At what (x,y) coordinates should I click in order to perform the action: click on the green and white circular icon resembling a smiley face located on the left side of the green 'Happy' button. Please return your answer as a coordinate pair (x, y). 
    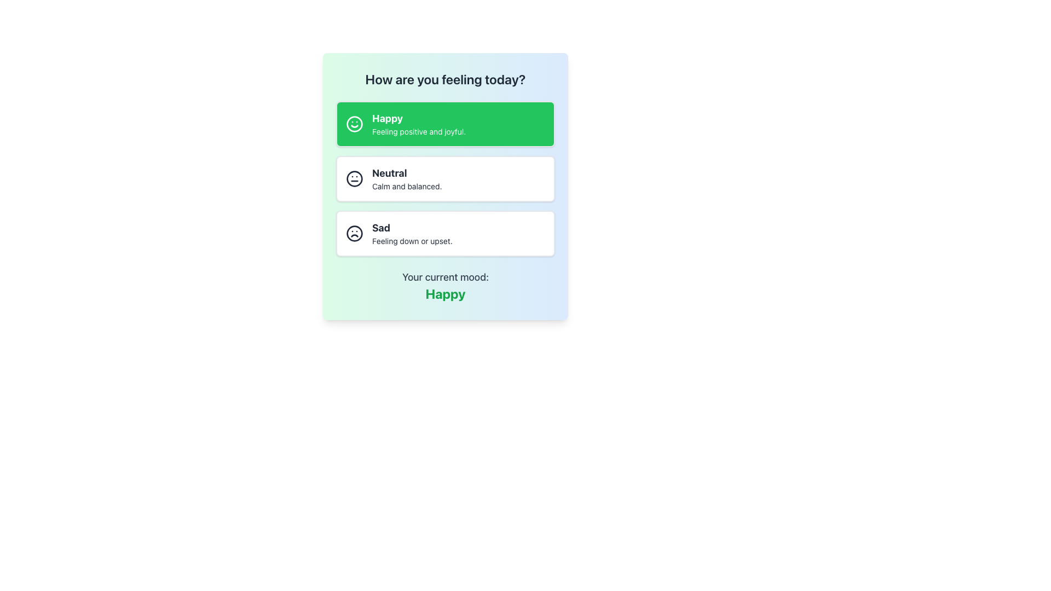
    Looking at the image, I should click on (355, 124).